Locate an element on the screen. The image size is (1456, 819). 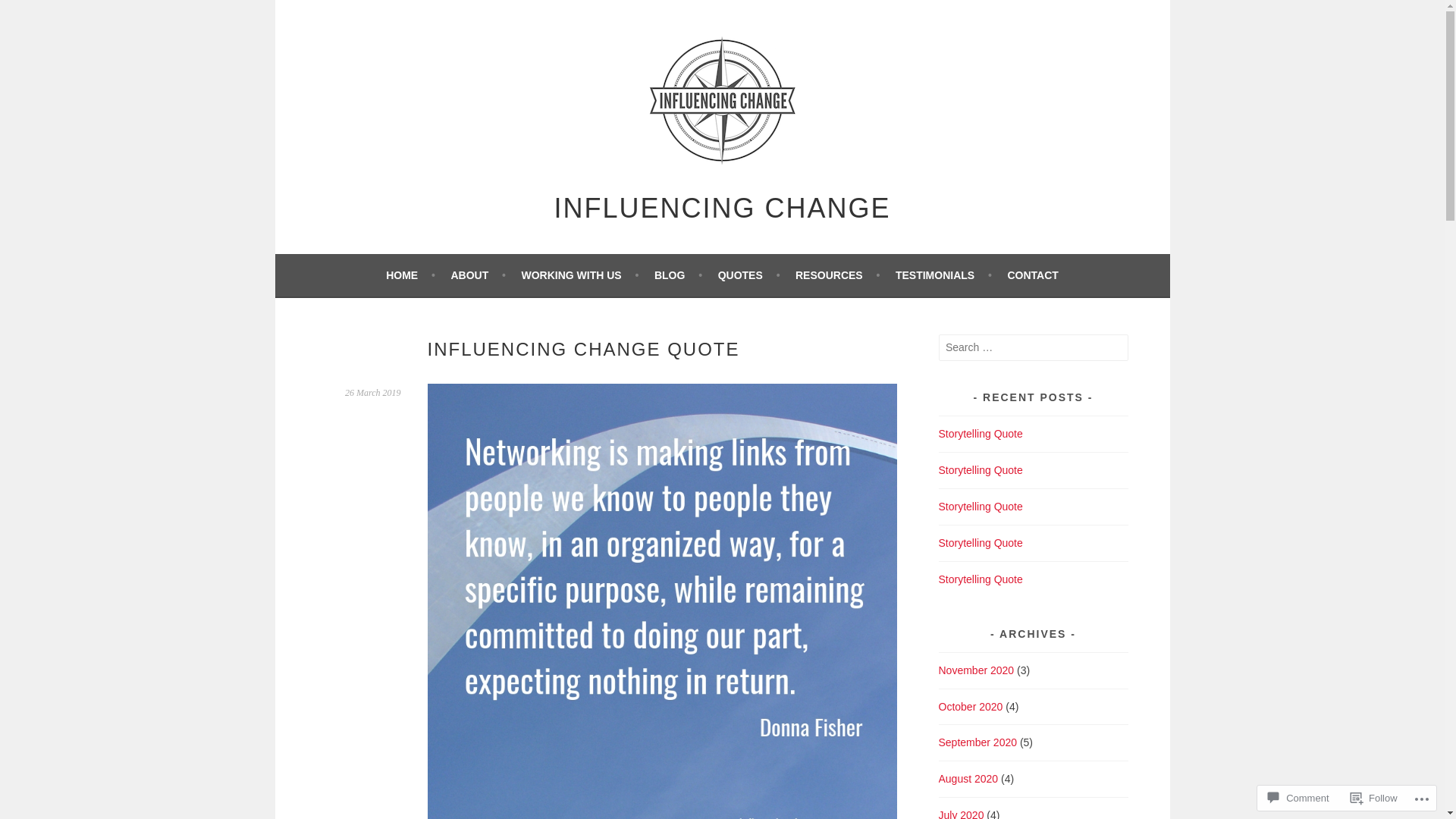
'Storytelling Quote' is located at coordinates (981, 579).